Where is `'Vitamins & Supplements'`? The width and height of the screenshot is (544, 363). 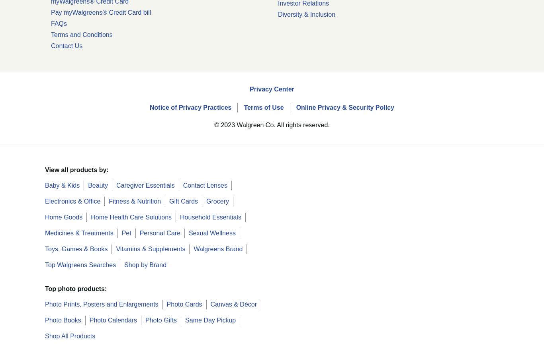
'Vitamins & Supplements' is located at coordinates (150, 248).